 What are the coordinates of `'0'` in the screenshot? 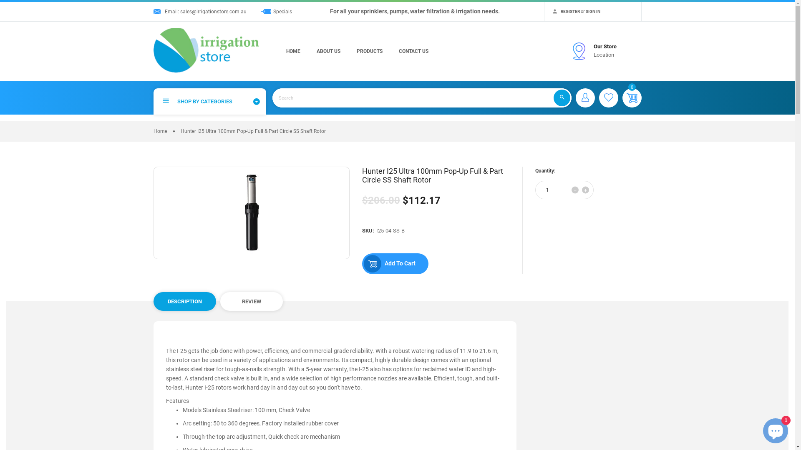 It's located at (622, 97).